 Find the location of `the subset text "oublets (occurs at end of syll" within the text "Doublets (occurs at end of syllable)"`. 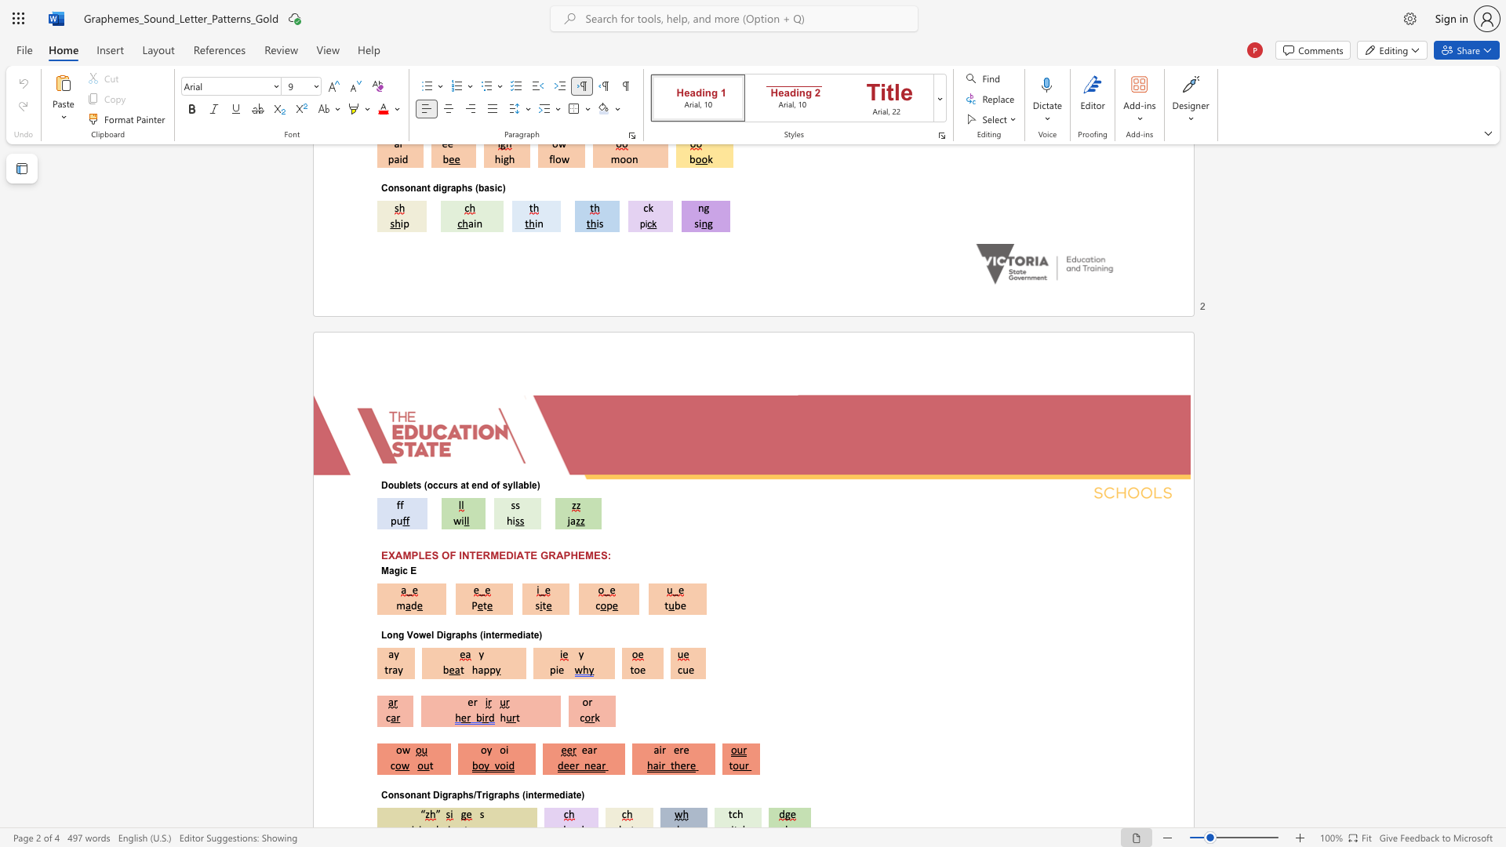

the subset text "oublets (occurs at end of syll" within the text "Doublets (occurs at end of syllable)" is located at coordinates (387, 484).